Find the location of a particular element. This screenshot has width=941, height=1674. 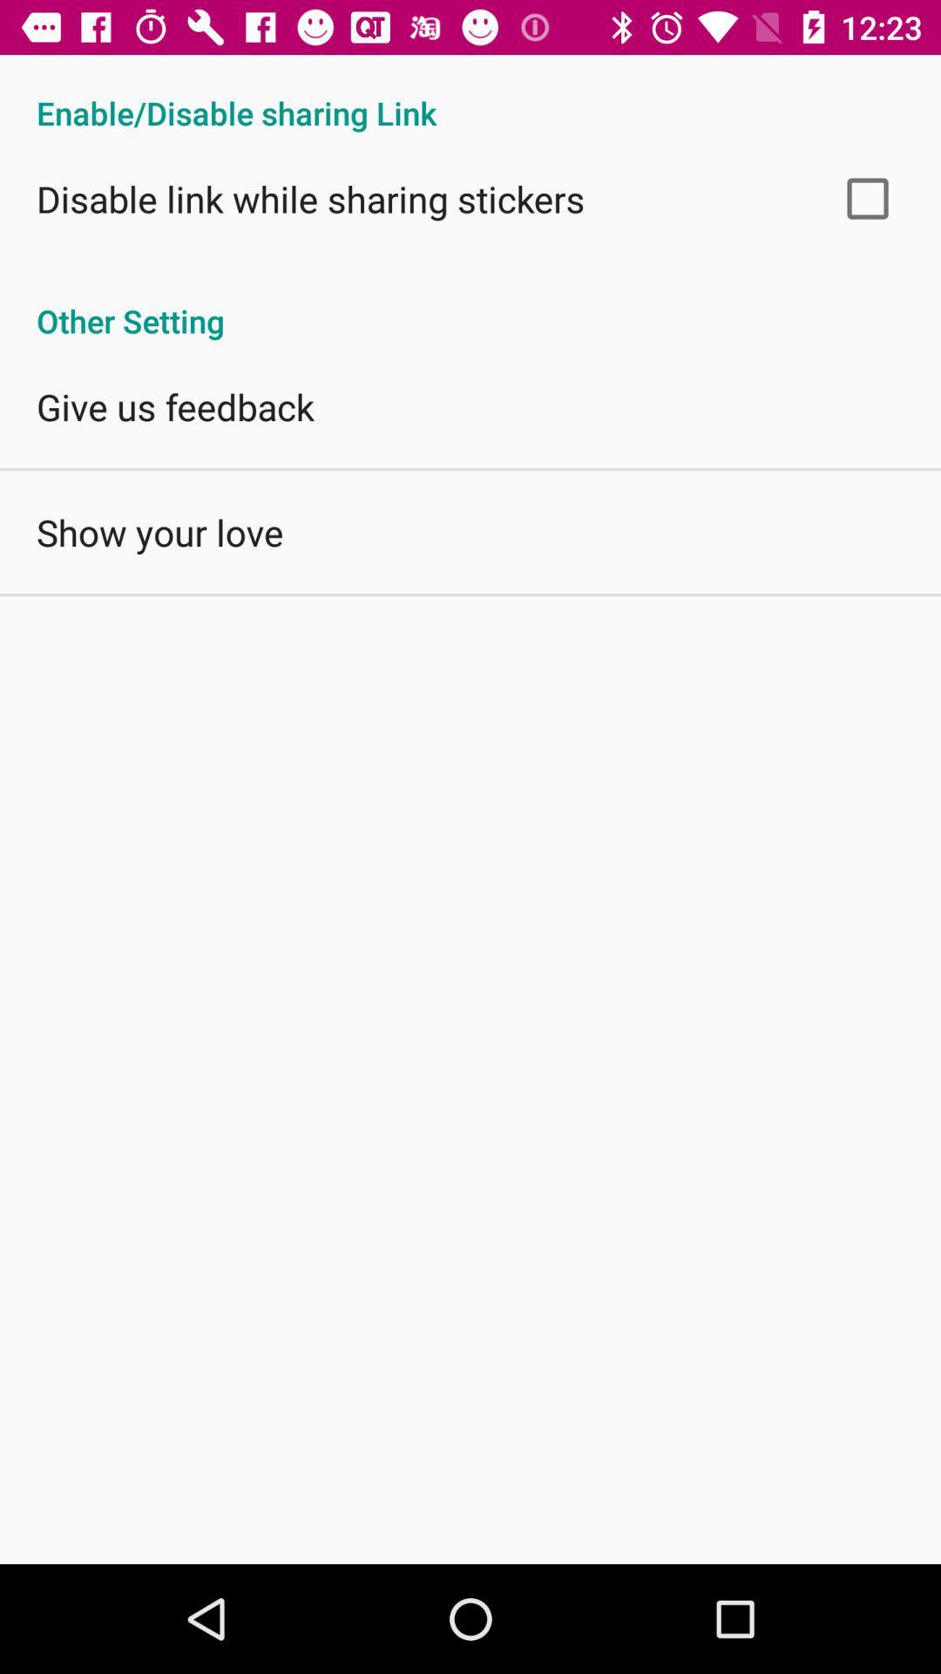

item next to disable link while item is located at coordinates (867, 198).